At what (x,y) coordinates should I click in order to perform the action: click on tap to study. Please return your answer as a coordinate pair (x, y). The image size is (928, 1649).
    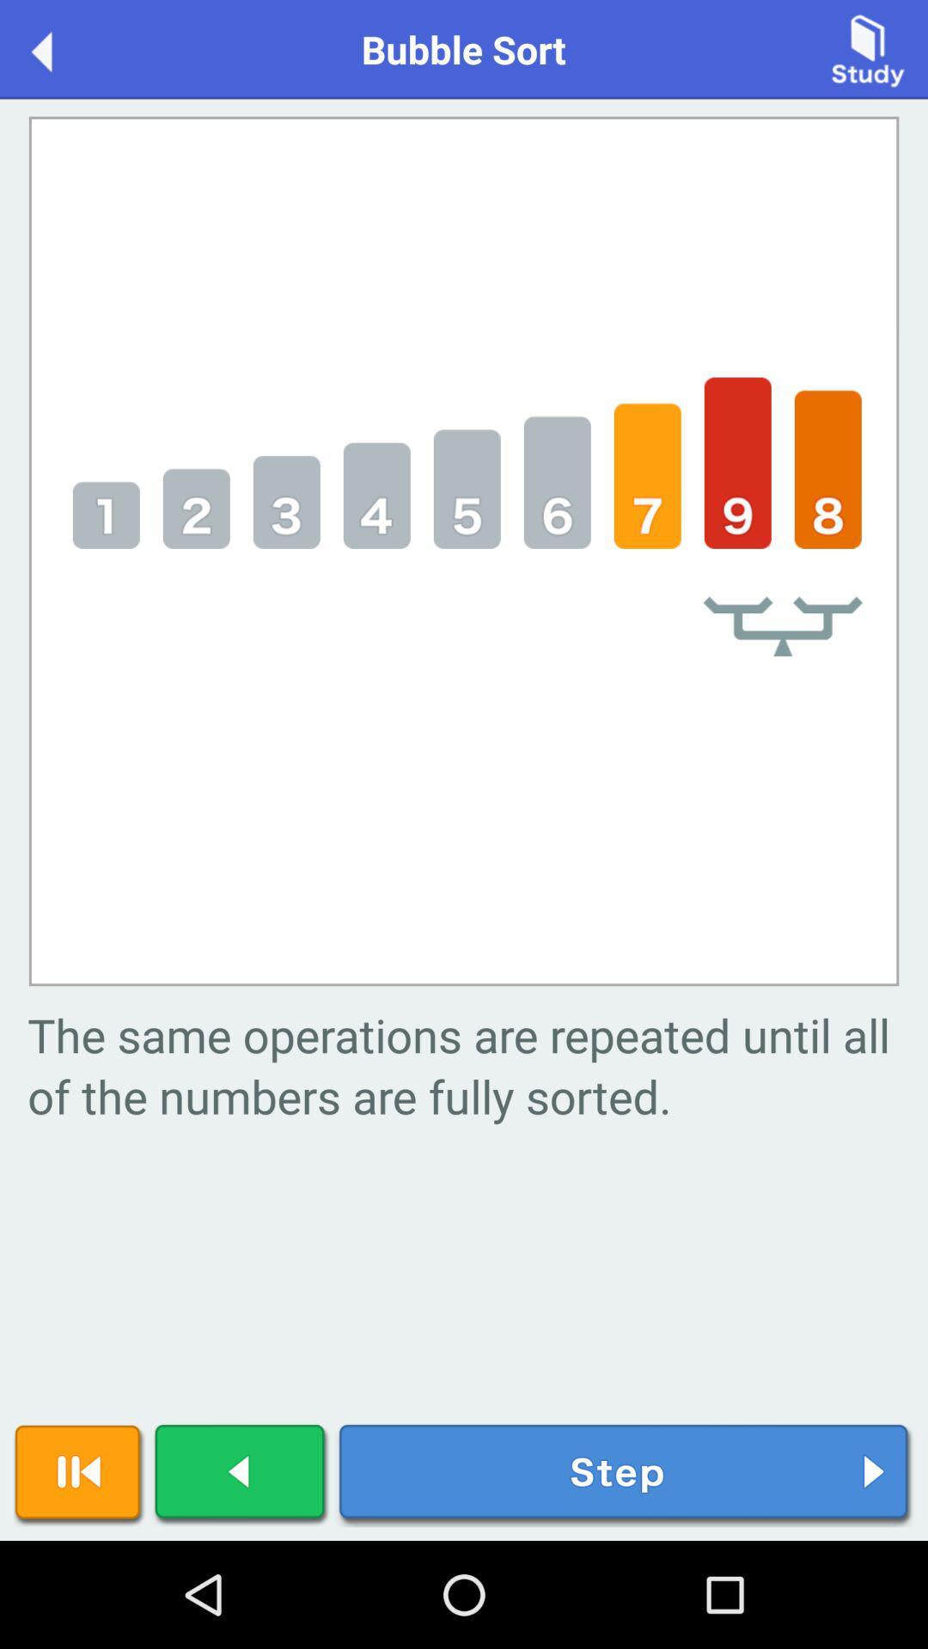
    Looking at the image, I should click on (868, 48).